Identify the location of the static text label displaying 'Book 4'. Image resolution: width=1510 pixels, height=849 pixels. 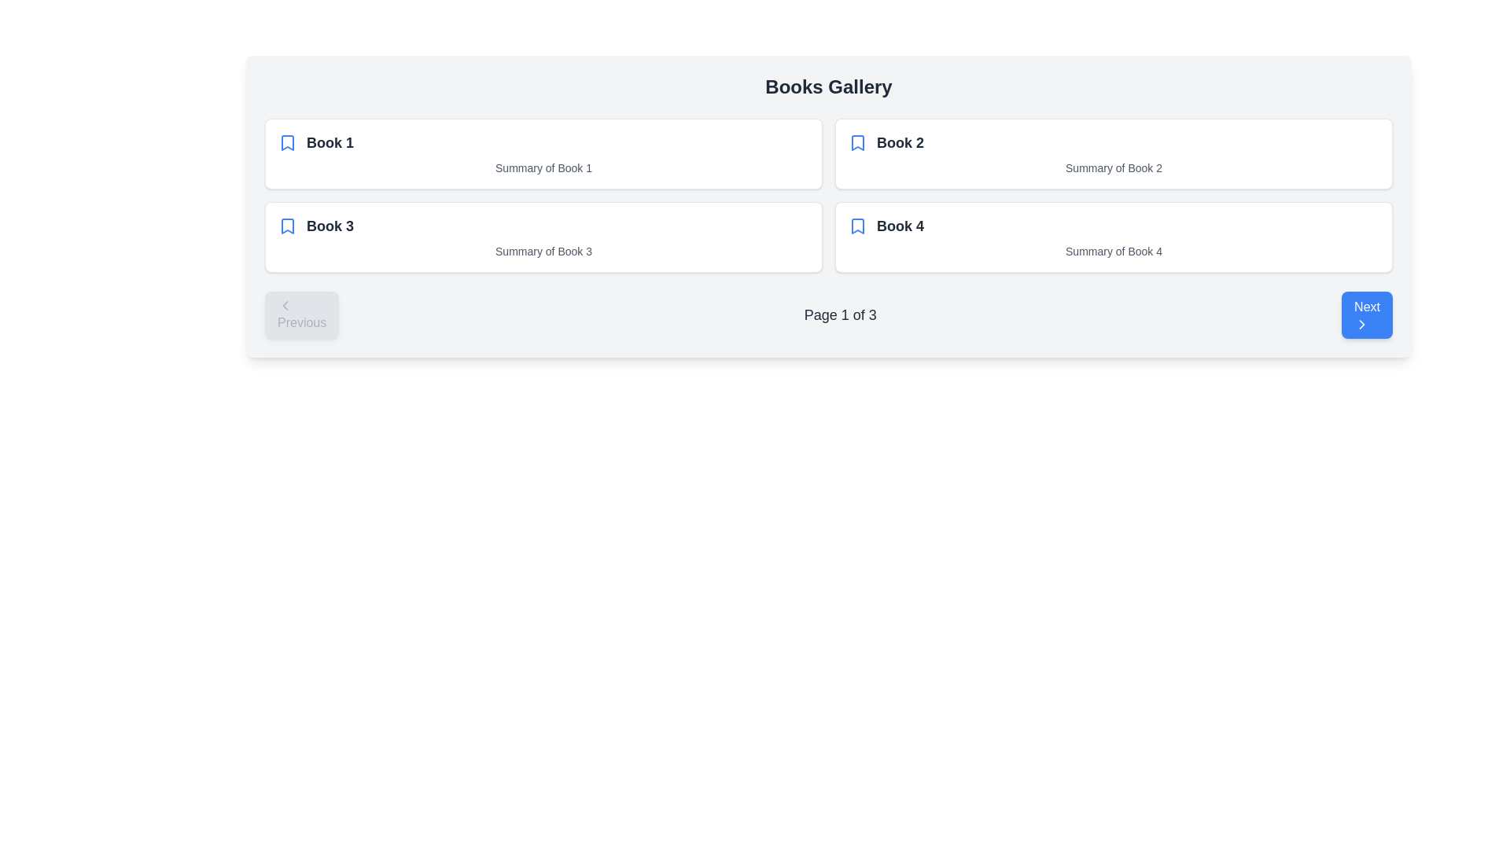
(900, 226).